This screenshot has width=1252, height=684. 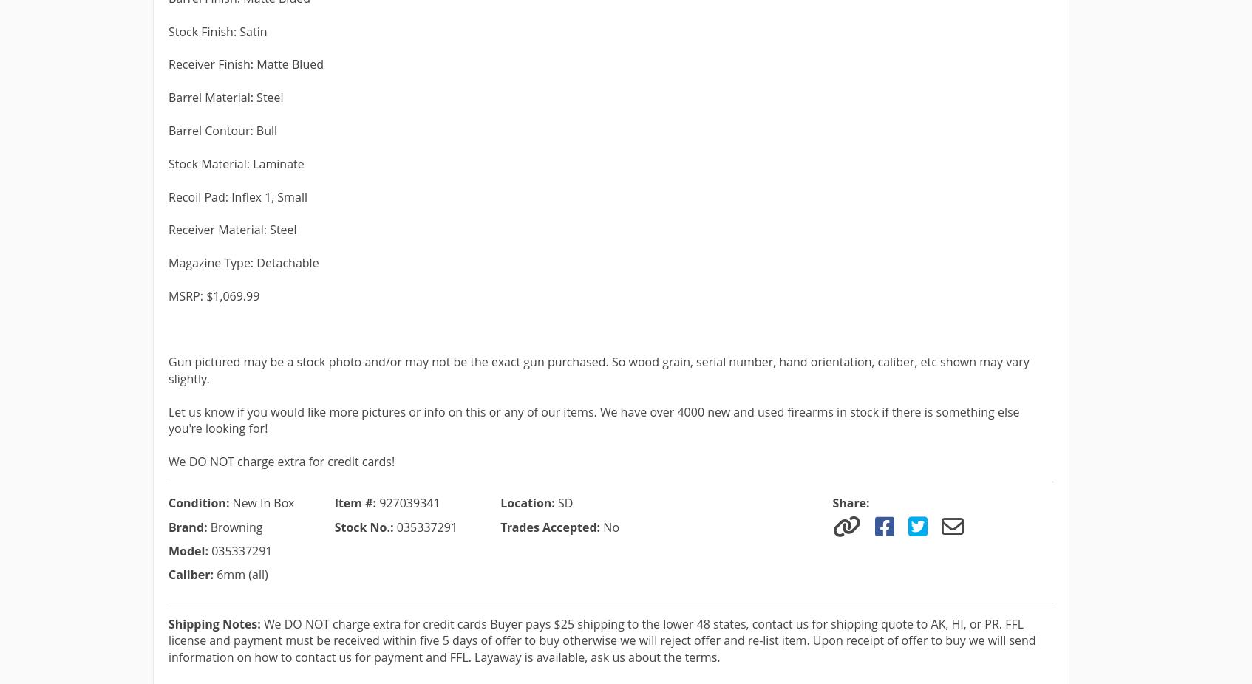 I want to click on 'Recoil Pad: Inflex 1, Small', so click(x=169, y=196).